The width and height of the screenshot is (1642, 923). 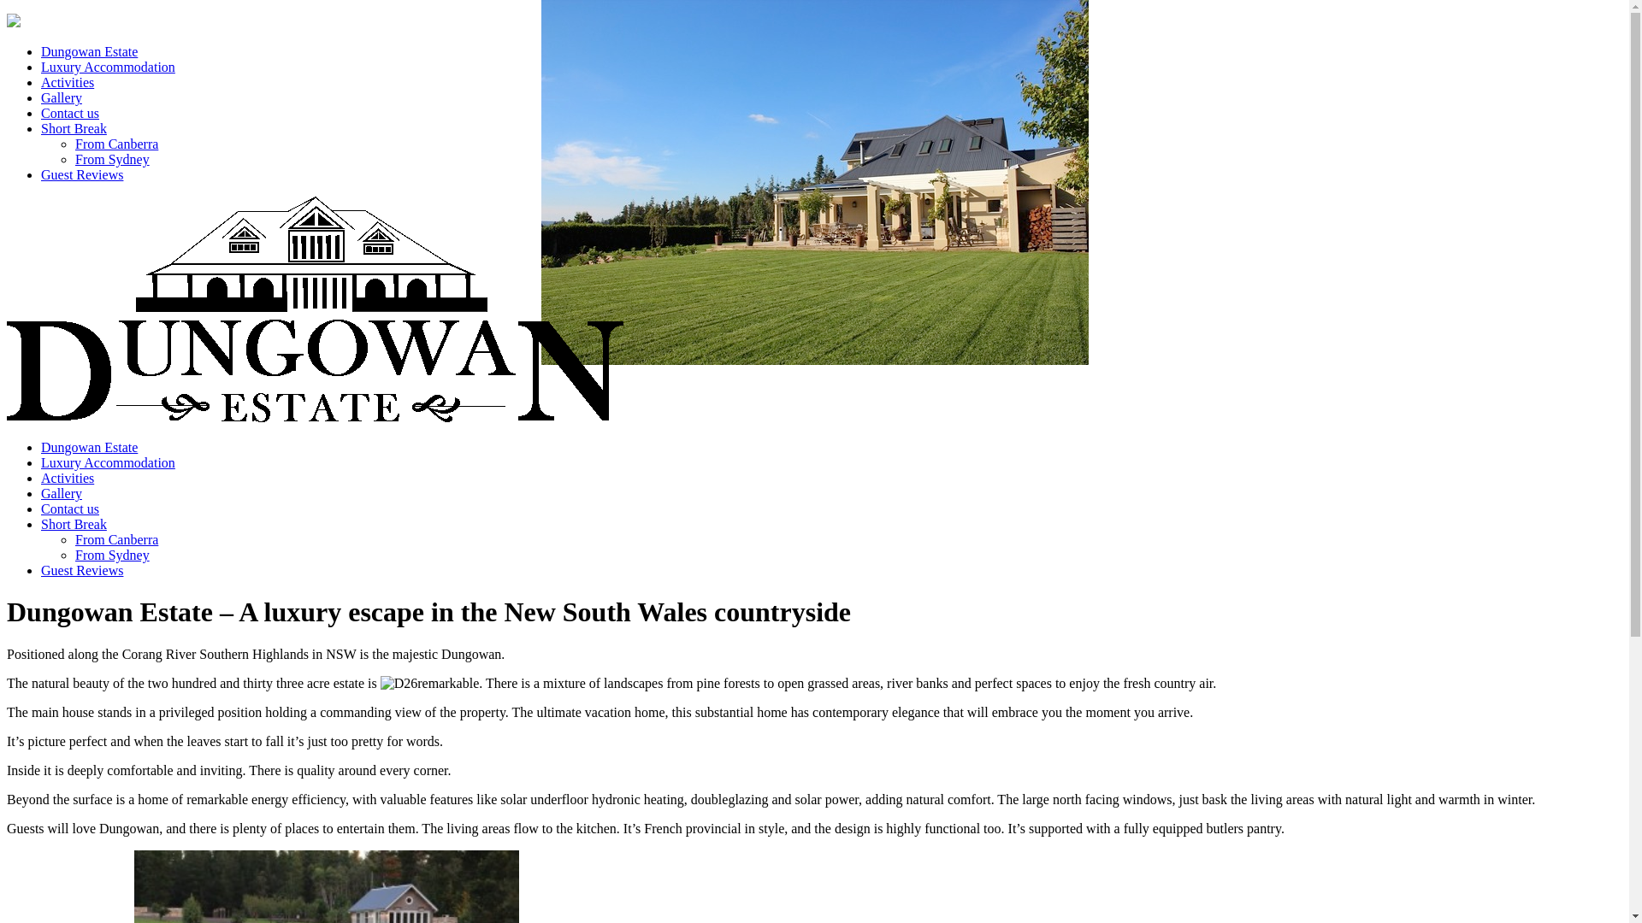 I want to click on 'Contact us', so click(x=68, y=113).